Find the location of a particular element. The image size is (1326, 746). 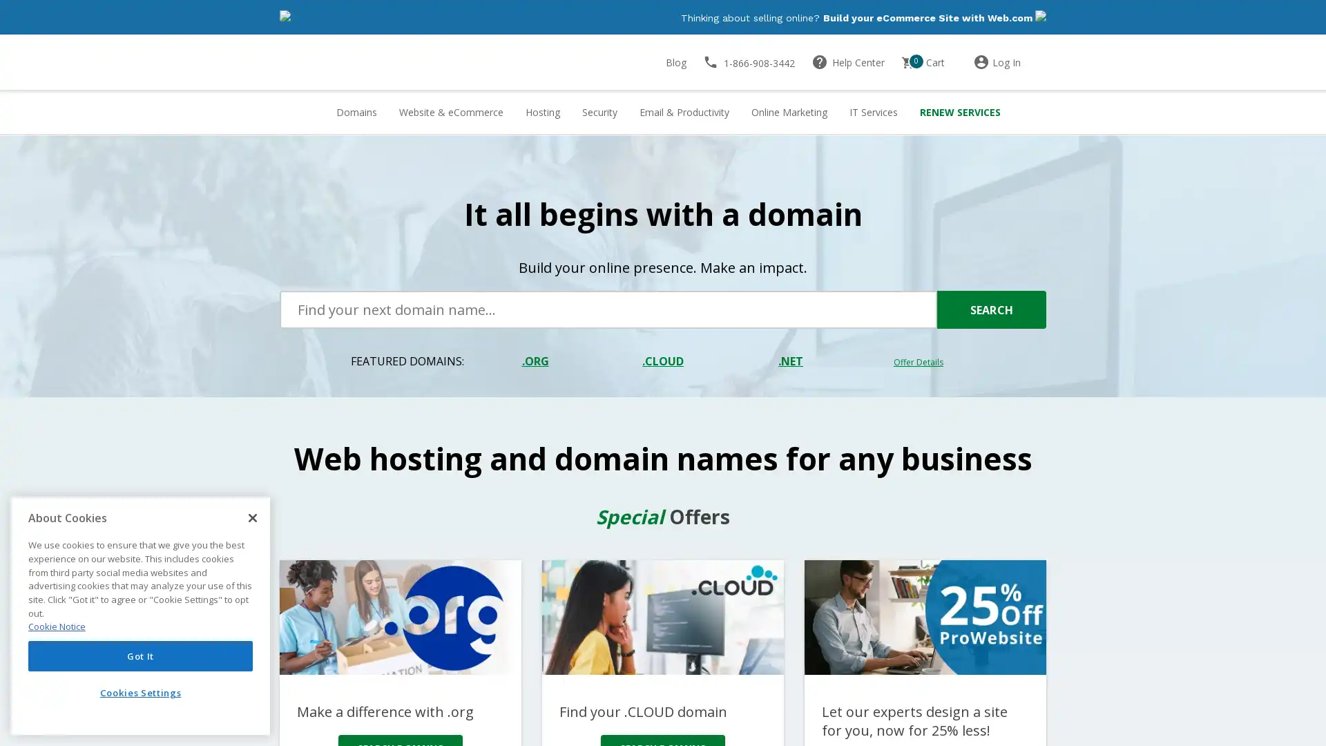

SEARCH is located at coordinates (990, 311).